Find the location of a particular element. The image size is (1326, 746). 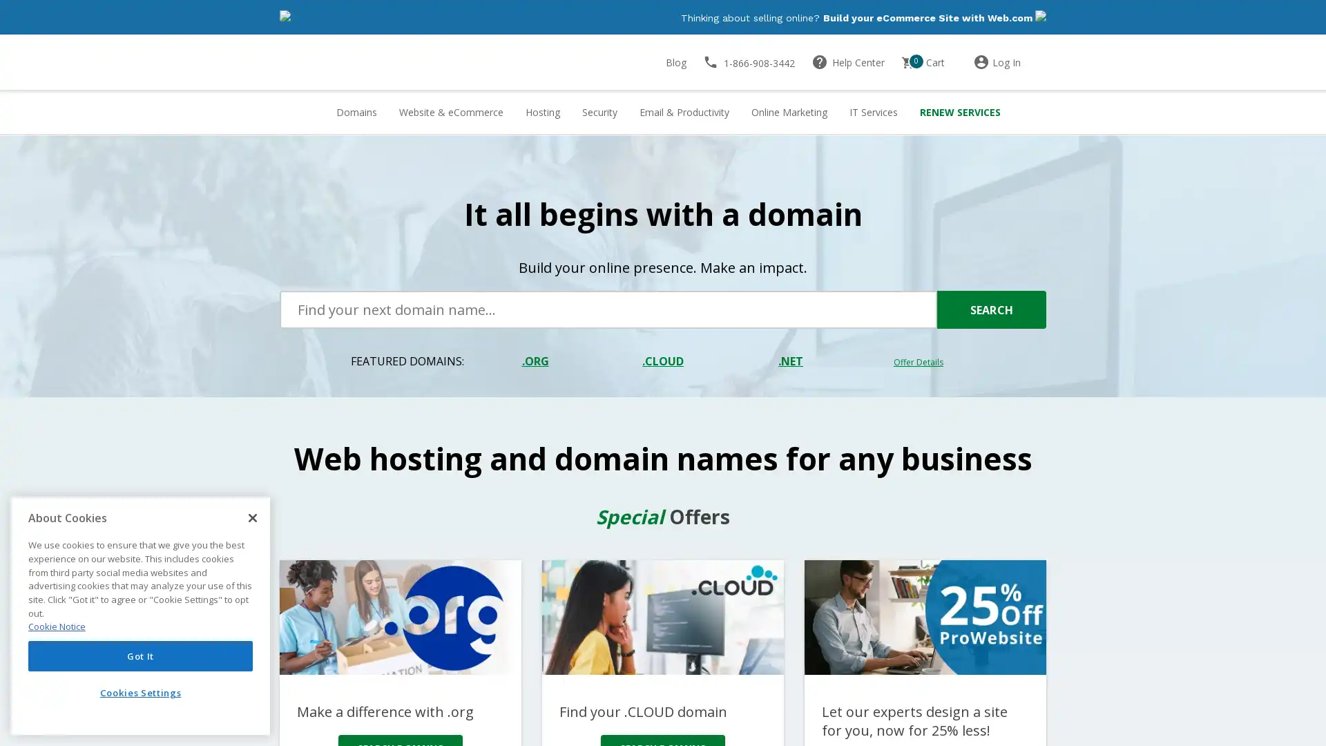

SEARCH is located at coordinates (990, 311).